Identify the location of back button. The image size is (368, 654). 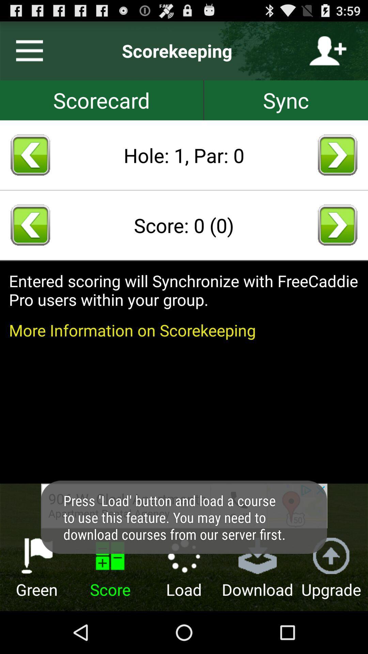
(30, 155).